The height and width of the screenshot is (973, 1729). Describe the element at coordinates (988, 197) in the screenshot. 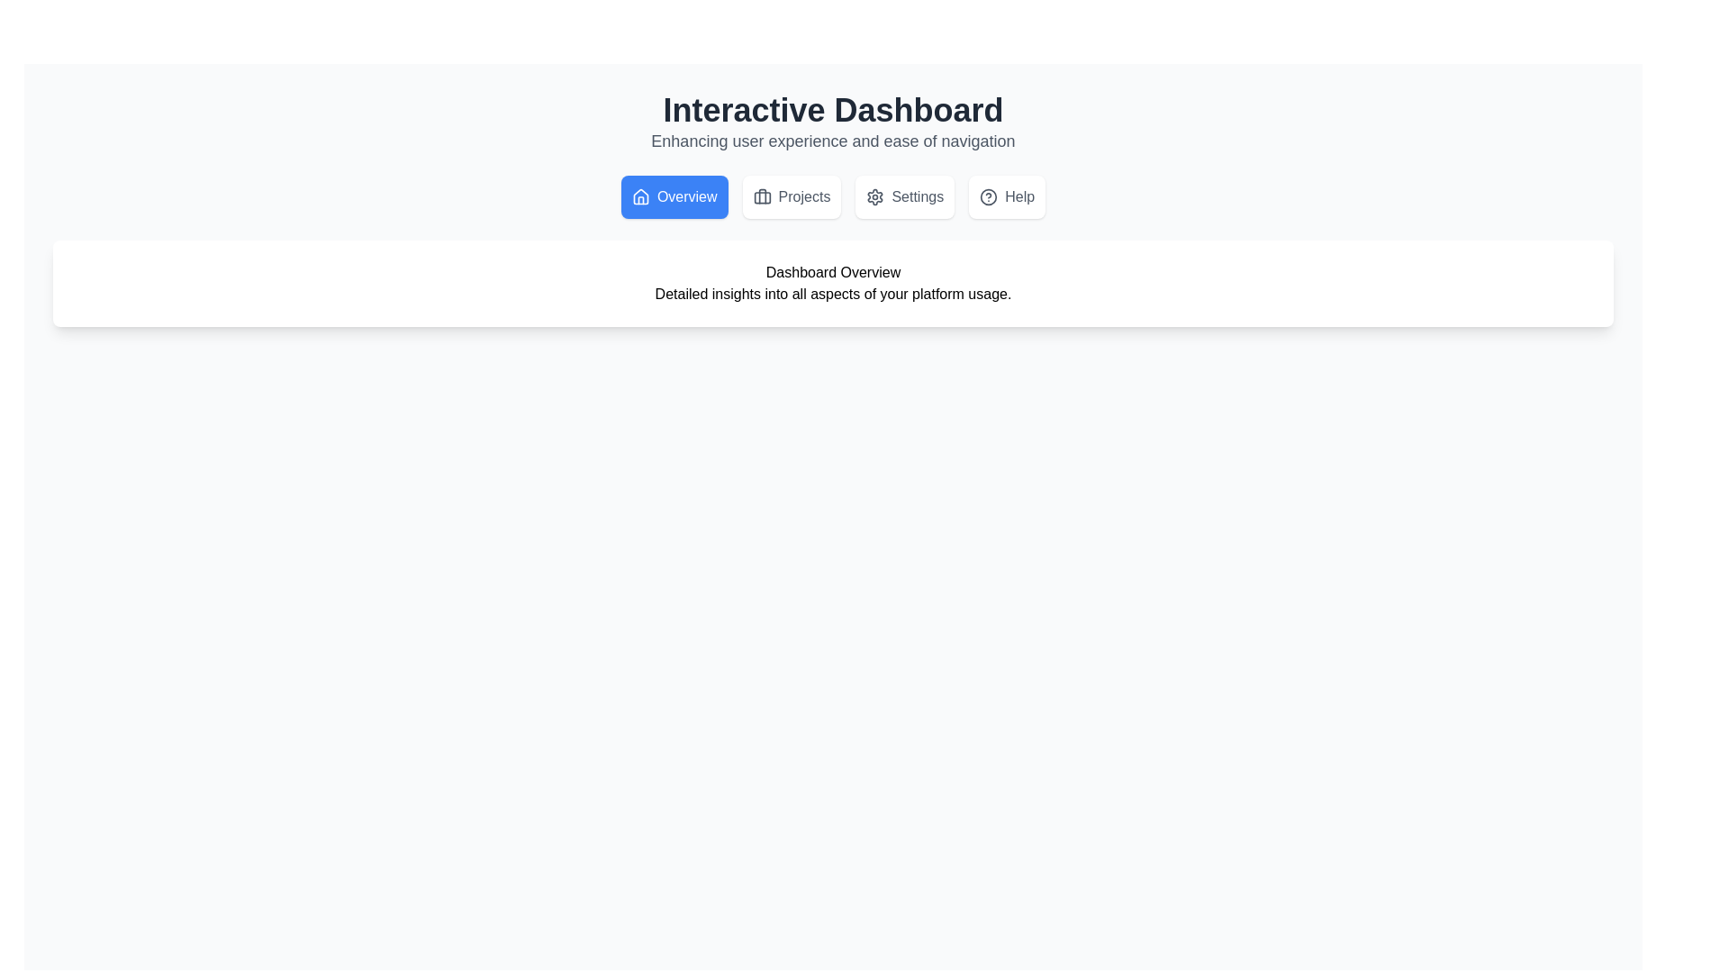

I see `the circular icon representing a help button located in the top navigation bar, which is the fourth element after 'Overview,' 'Projects,' and 'Settings.'` at that location.